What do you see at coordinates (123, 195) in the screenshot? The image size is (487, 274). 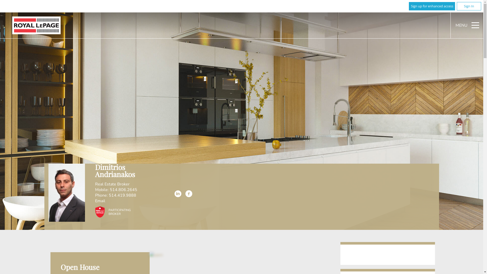 I see `'514.419.9888'` at bounding box center [123, 195].